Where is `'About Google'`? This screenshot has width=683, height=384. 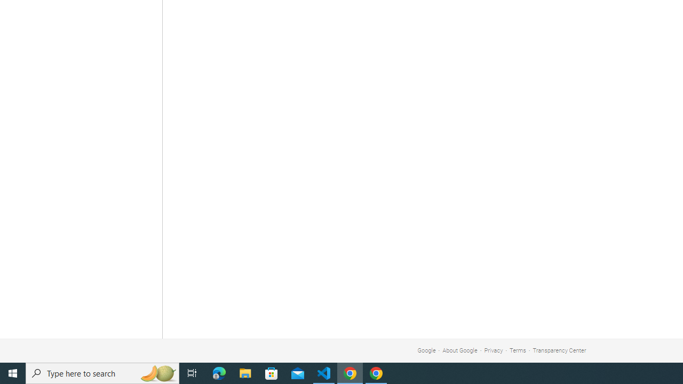 'About Google' is located at coordinates (460, 350).